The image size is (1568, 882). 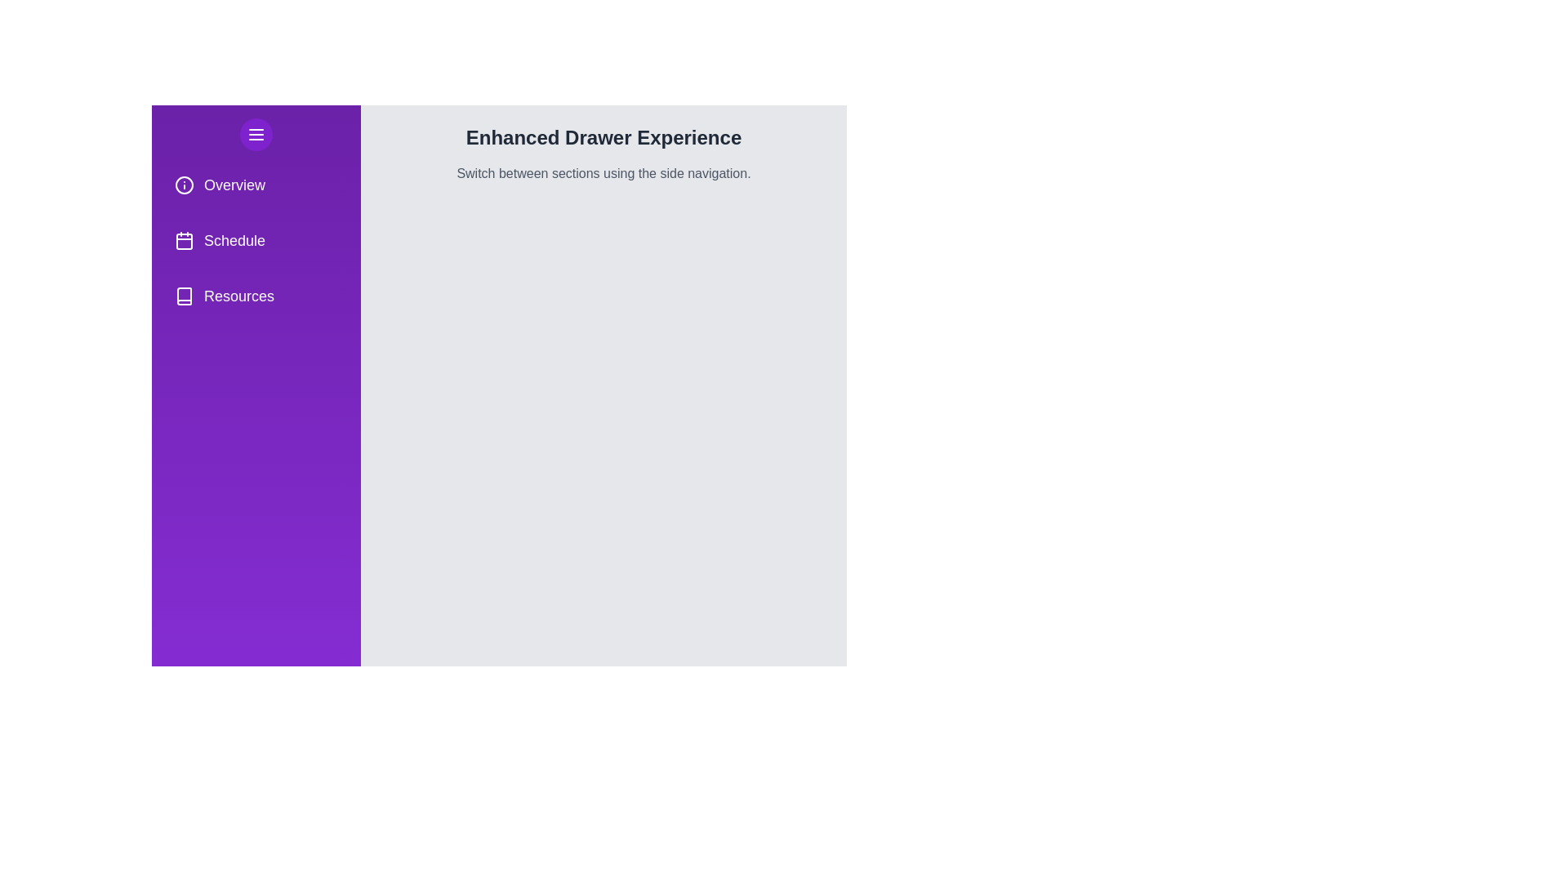 I want to click on the navigation menu item Schedule, so click(x=255, y=240).